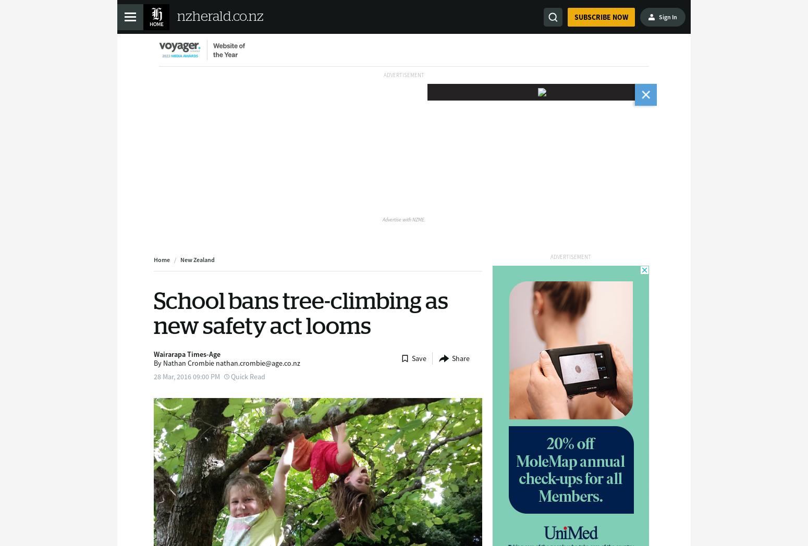 Image resolution: width=808 pixels, height=546 pixels. Describe the element at coordinates (179, 259) in the screenshot. I see `'New Zealand'` at that location.